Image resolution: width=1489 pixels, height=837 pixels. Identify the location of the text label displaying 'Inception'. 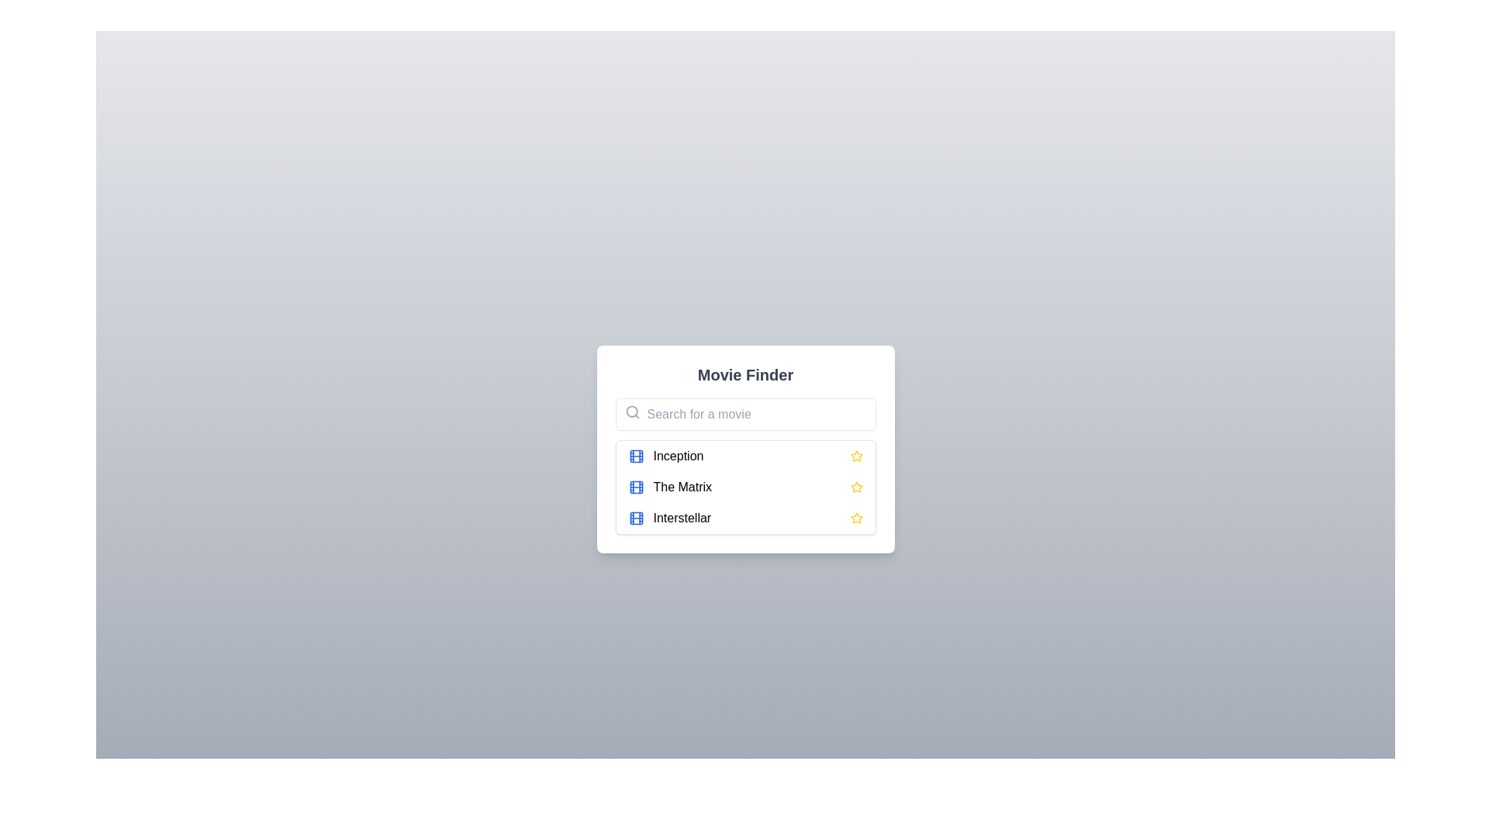
(678, 456).